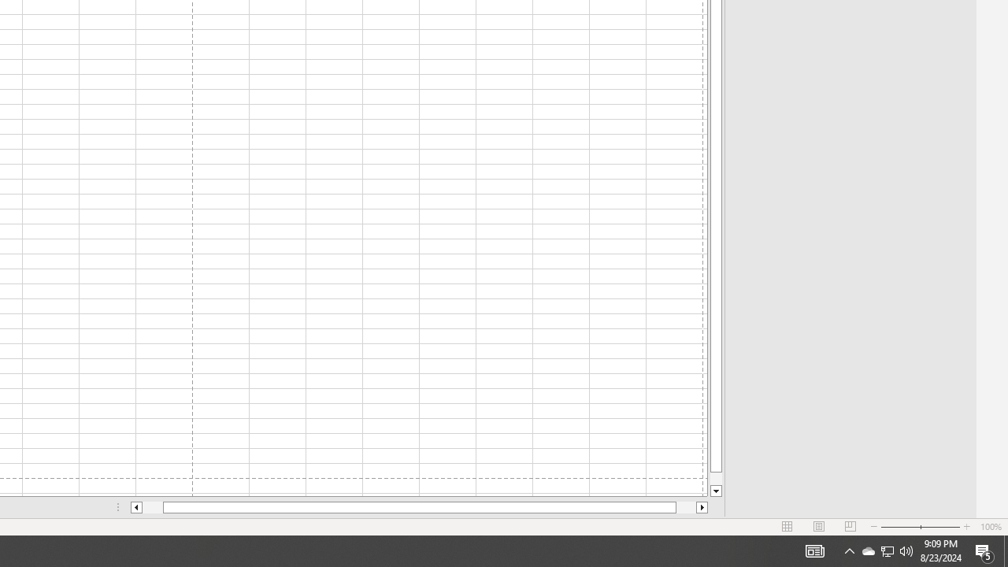 This screenshot has width=1008, height=567. Describe the element at coordinates (715, 478) in the screenshot. I see `'Page down'` at that location.